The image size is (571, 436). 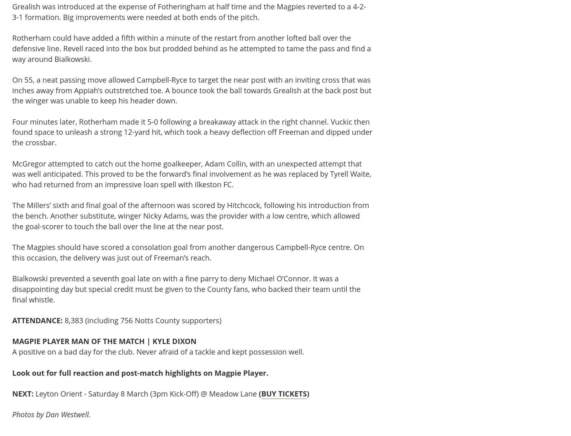 I want to click on '8,383 (including 756 Notts County supporters)', so click(x=142, y=320).